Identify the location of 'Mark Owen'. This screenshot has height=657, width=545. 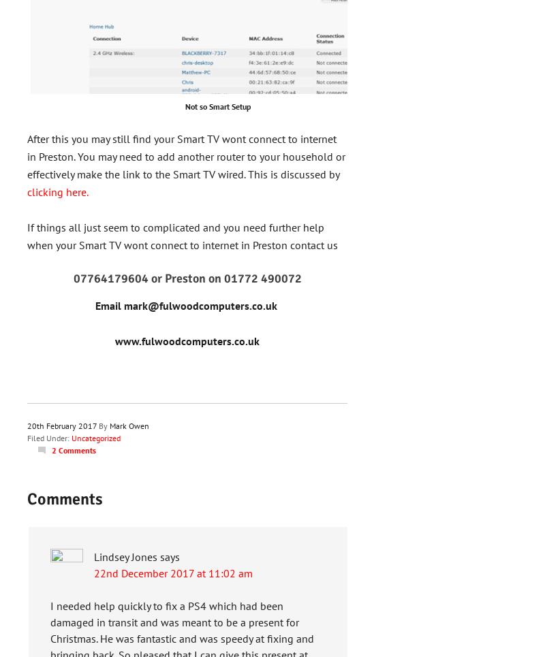
(129, 425).